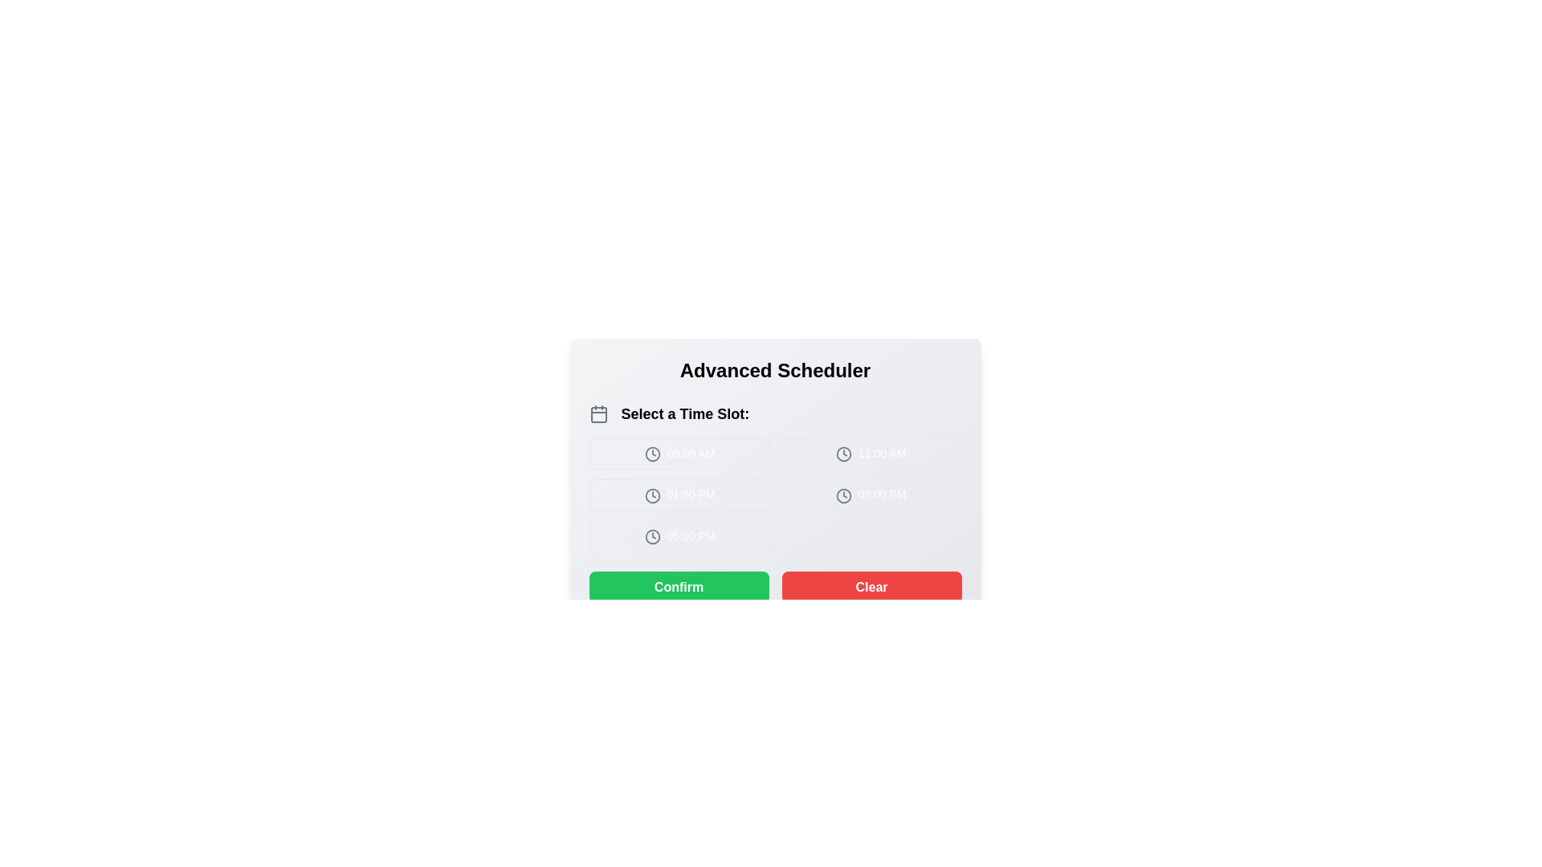 The image size is (1542, 867). Describe the element at coordinates (598, 413) in the screenshot. I see `the date/calendar icon located to the left of the 'Select a Time Slot:' text, which enhances the context of the associated text` at that location.